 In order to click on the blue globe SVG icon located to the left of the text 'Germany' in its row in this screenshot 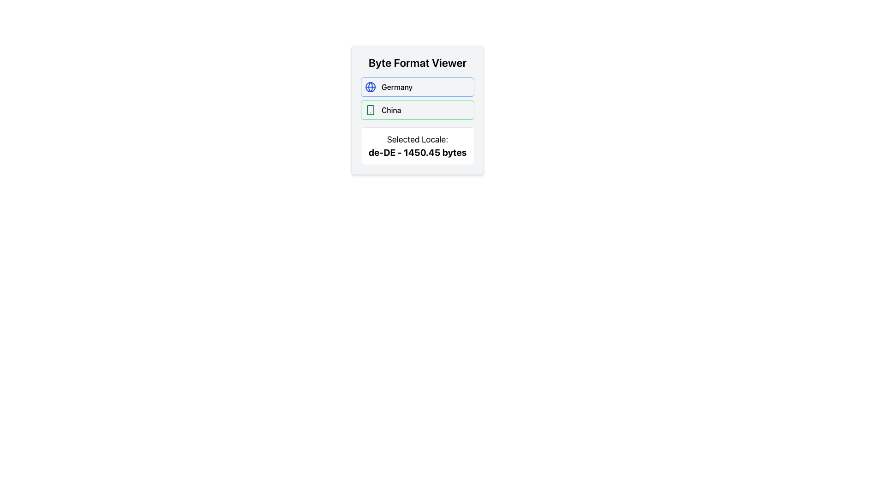, I will do `click(371, 87)`.